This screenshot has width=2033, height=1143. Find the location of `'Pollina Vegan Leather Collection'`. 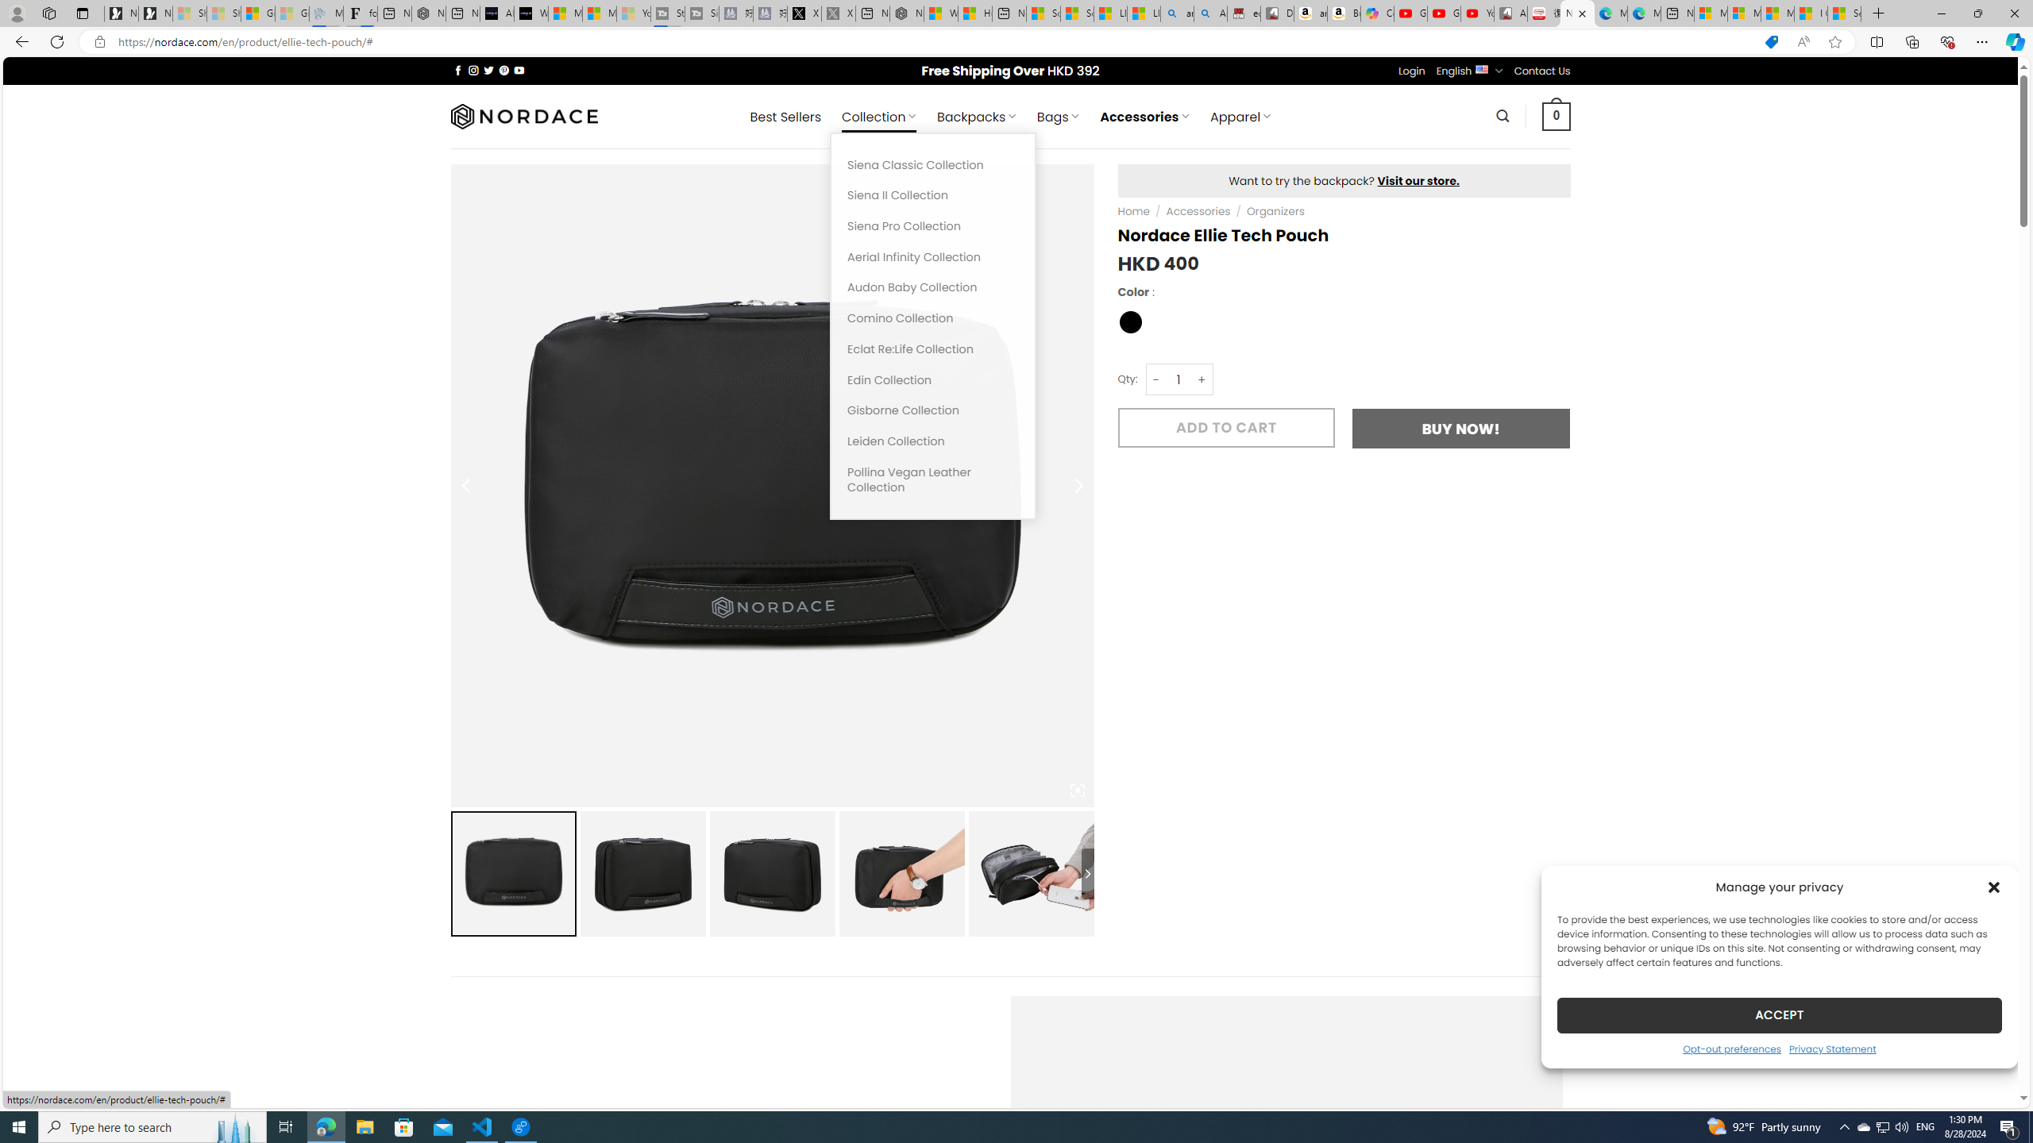

'Pollina Vegan Leather Collection' is located at coordinates (932, 479).